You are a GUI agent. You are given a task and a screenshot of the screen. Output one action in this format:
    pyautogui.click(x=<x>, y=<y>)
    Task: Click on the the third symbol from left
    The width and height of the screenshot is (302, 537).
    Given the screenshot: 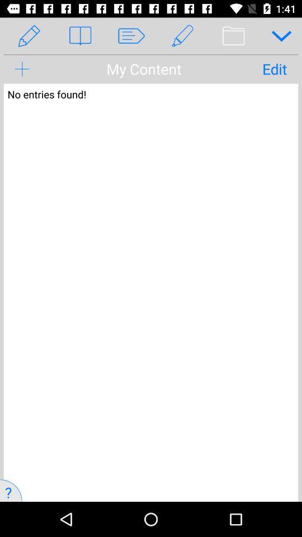 What is the action you would take?
    pyautogui.click(x=131, y=36)
    